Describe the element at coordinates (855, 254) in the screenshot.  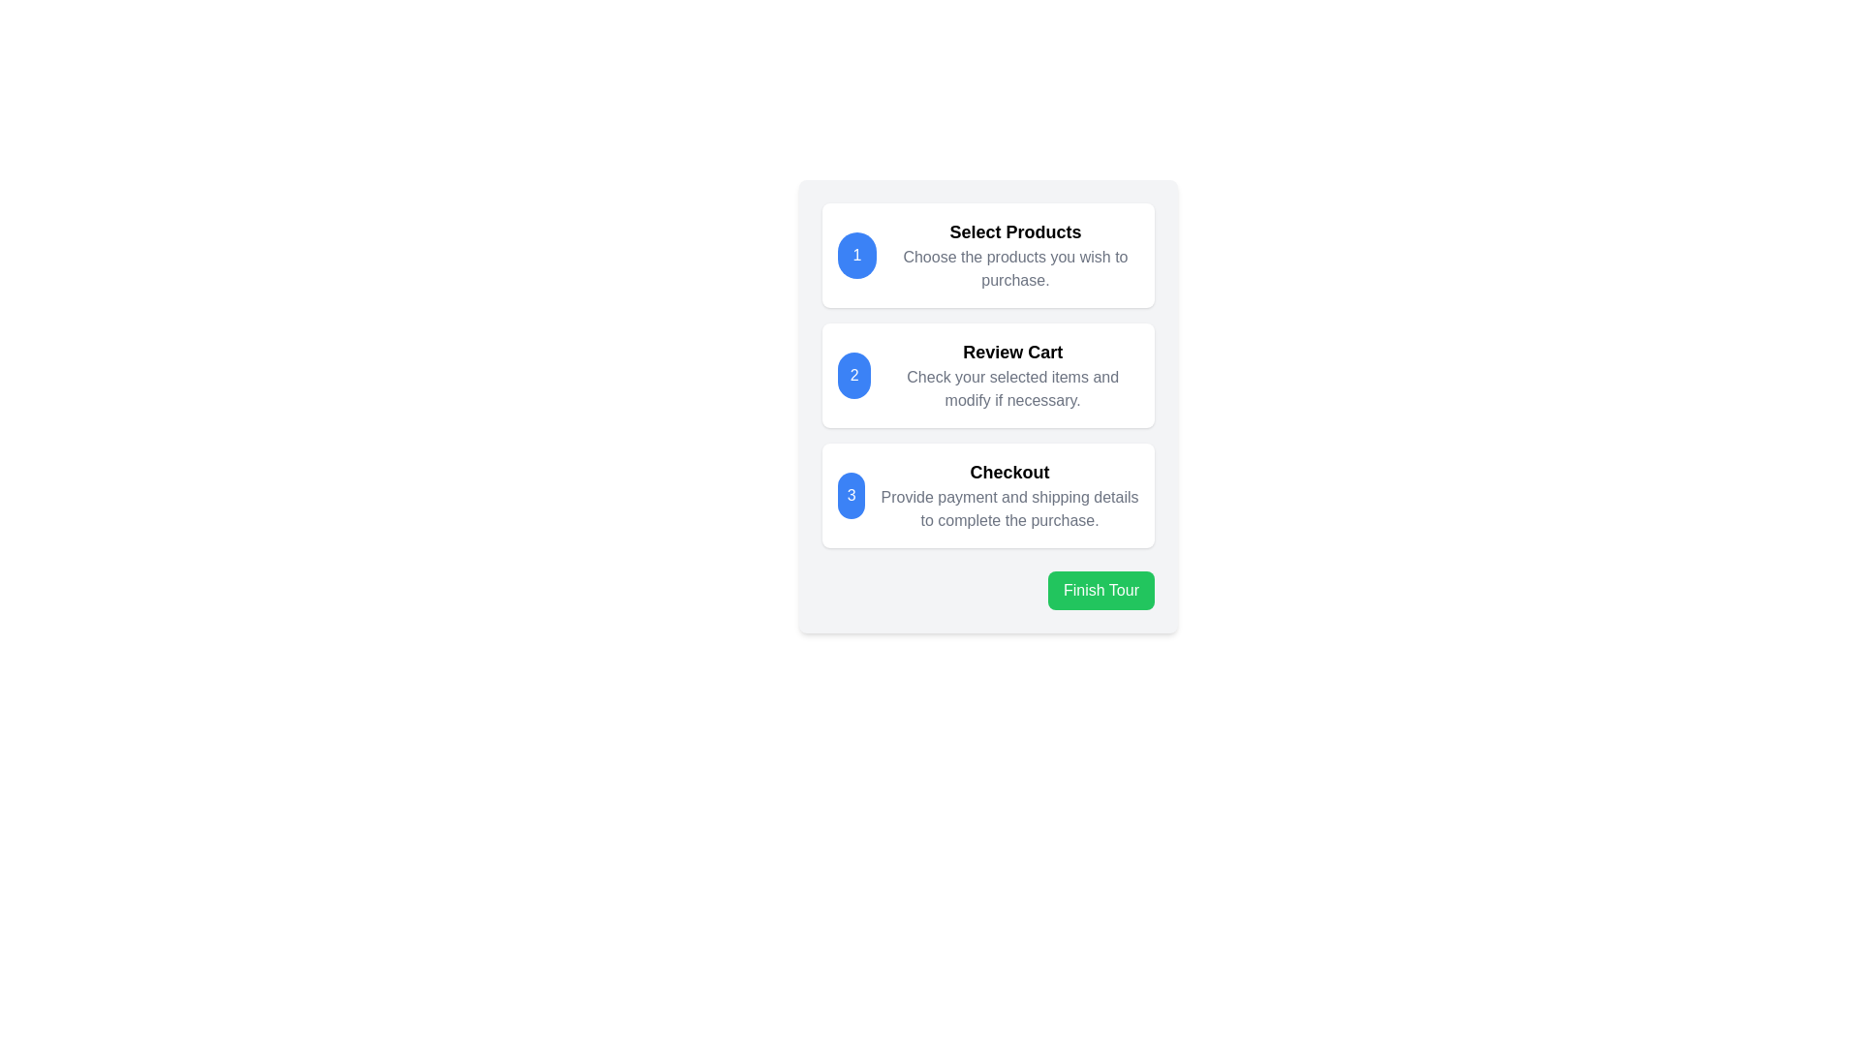
I see `the first step button, which is located to the left of the 'Select Products' text` at that location.